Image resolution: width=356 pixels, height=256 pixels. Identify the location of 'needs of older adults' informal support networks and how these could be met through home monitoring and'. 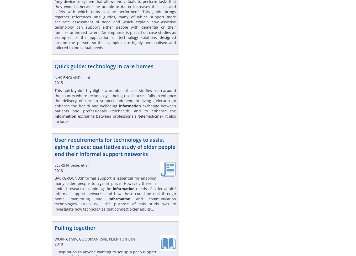
(115, 193).